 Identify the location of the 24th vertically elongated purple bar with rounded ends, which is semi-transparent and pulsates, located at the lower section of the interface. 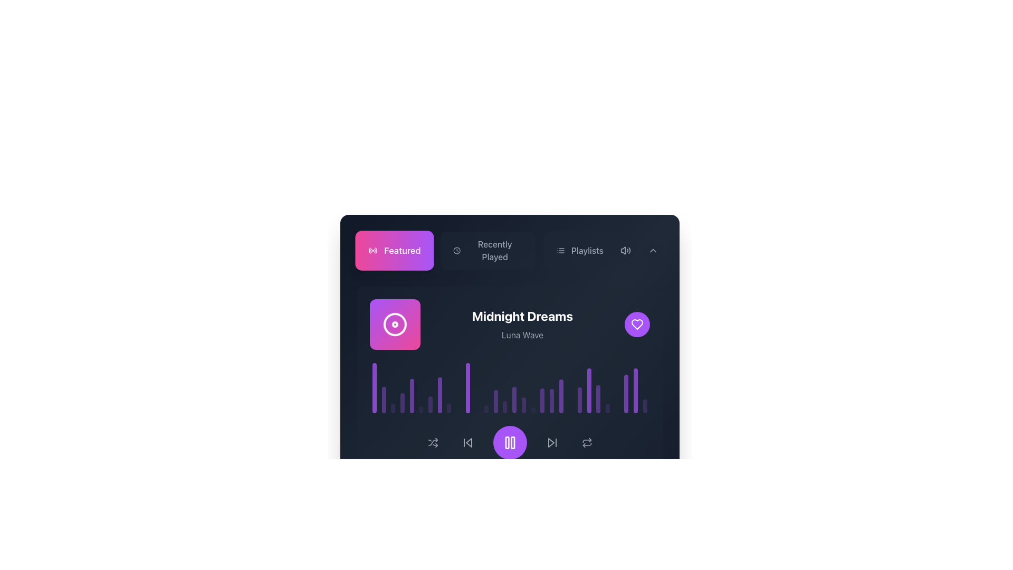
(588, 391).